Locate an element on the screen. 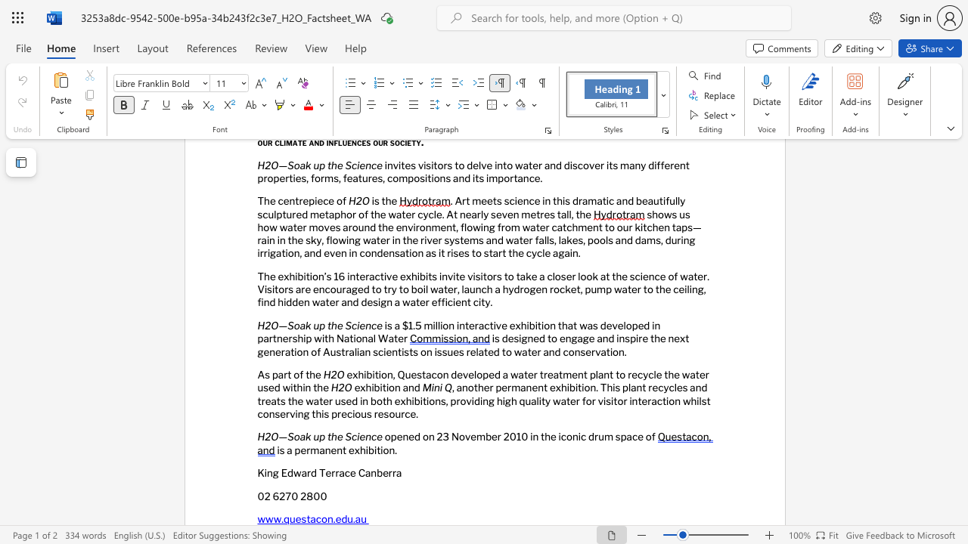 The image size is (968, 544). the subset text "con.edu.au" within the text "www.questacon.edu.au" is located at coordinates (315, 518).